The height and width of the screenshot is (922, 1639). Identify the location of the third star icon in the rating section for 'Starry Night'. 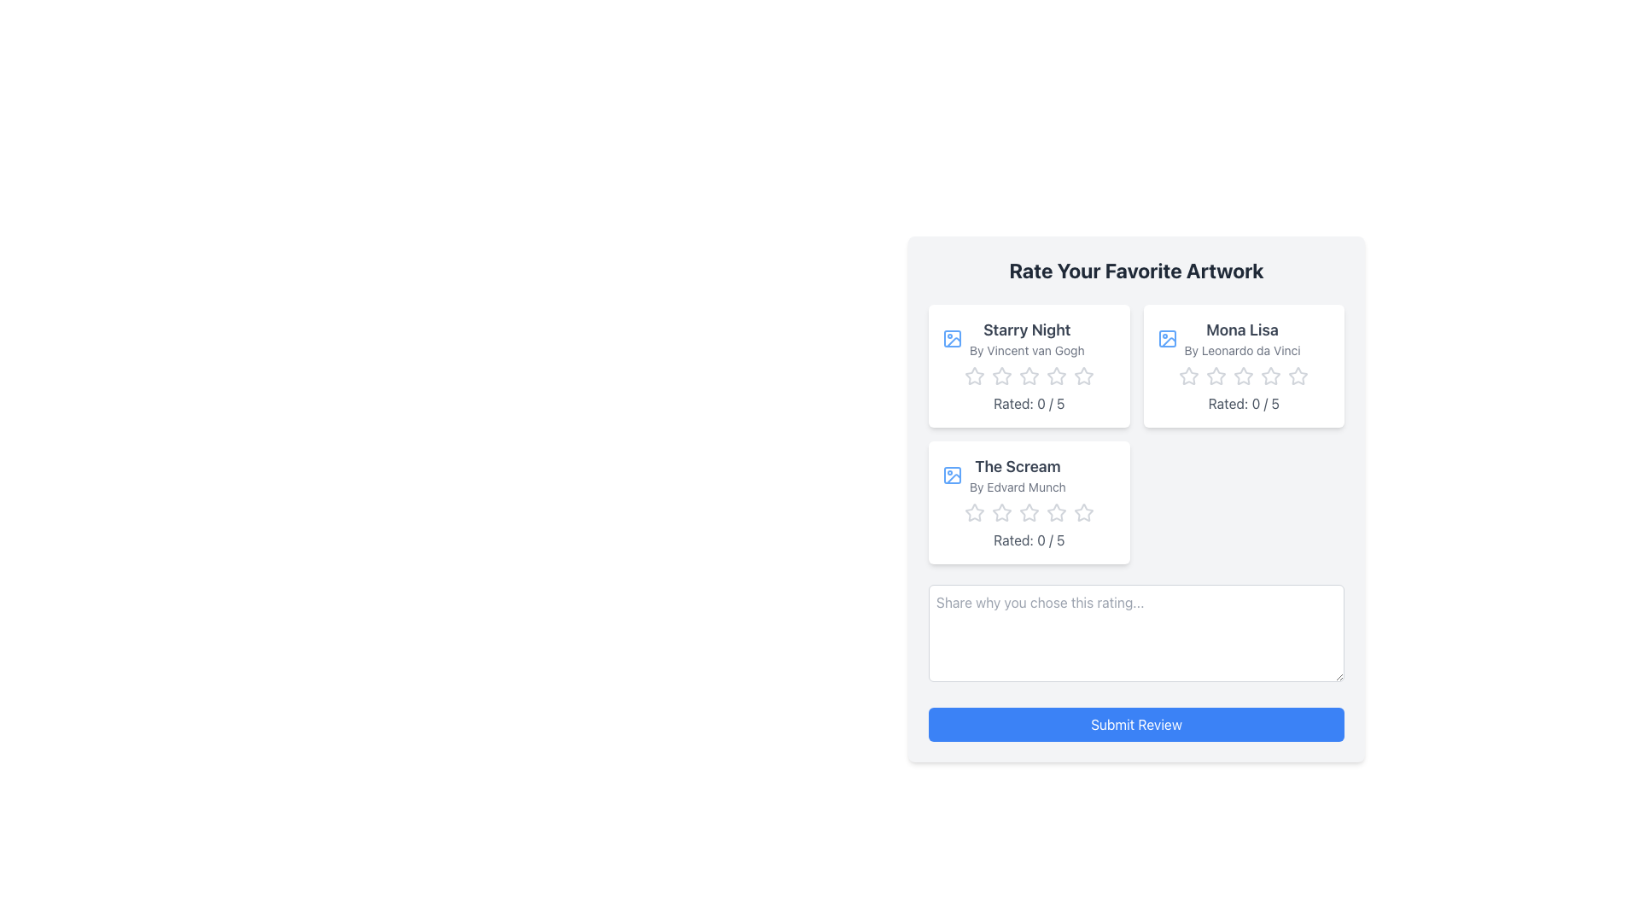
(1055, 375).